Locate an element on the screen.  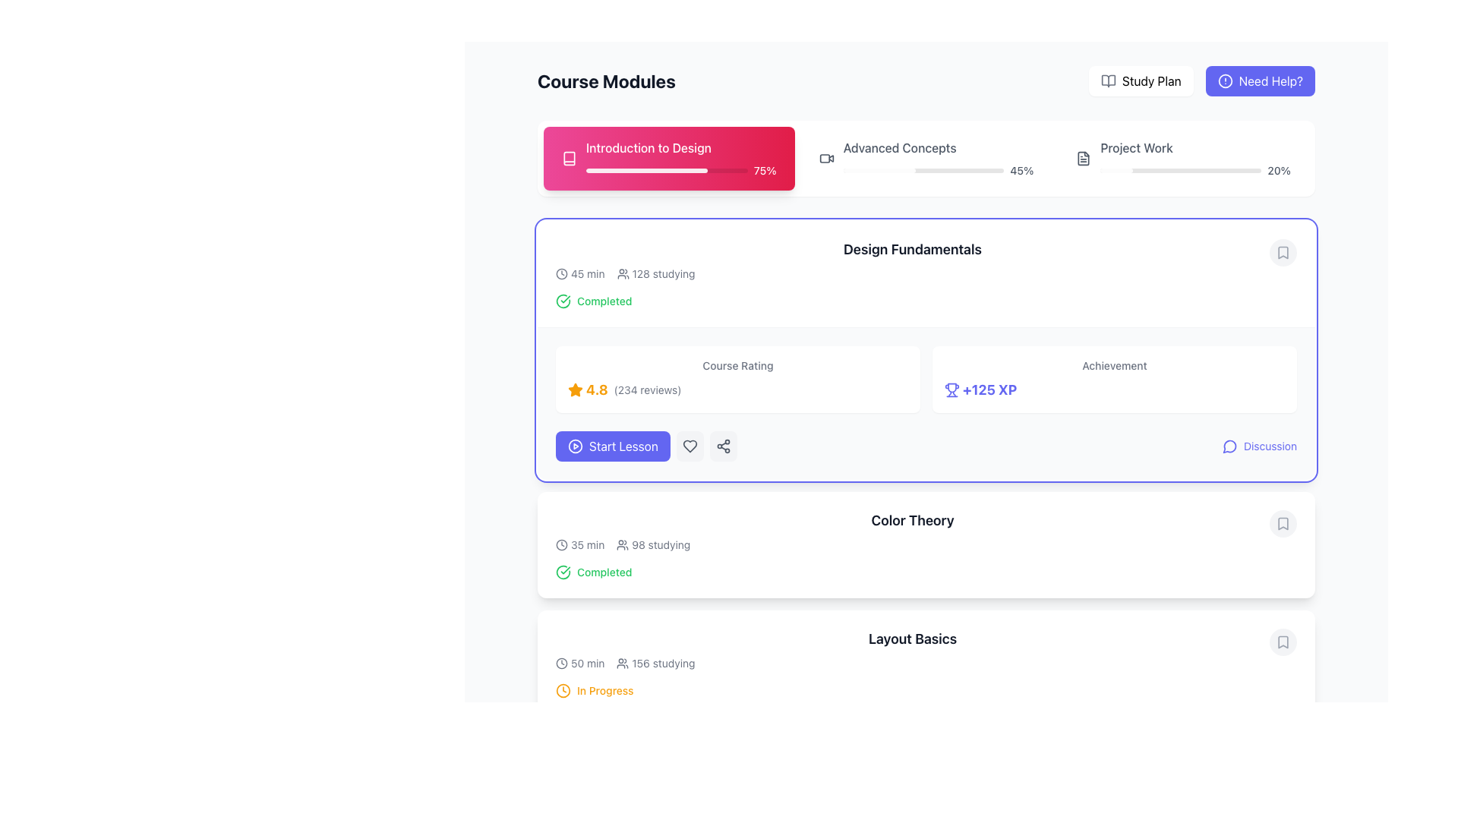
the filled star-shaped icon that represents a rating, located to the left of the numerical rating (4.8) and textual information ('(234 reviews)') is located at coordinates (575, 389).